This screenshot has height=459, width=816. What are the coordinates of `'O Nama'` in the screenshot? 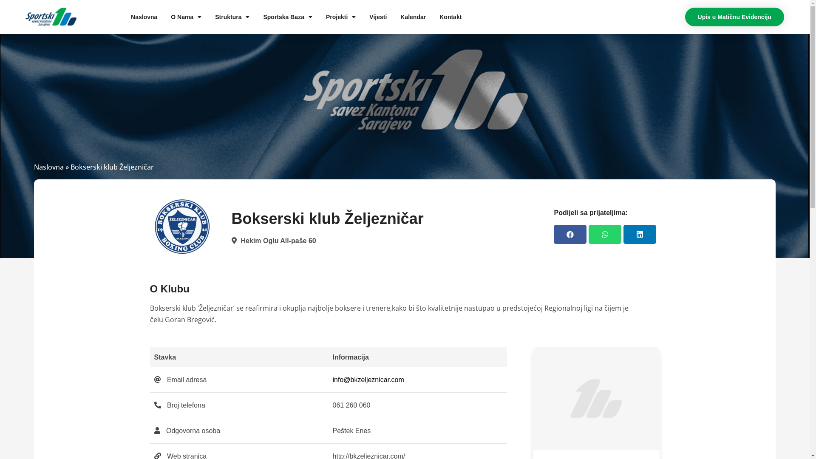 It's located at (185, 17).